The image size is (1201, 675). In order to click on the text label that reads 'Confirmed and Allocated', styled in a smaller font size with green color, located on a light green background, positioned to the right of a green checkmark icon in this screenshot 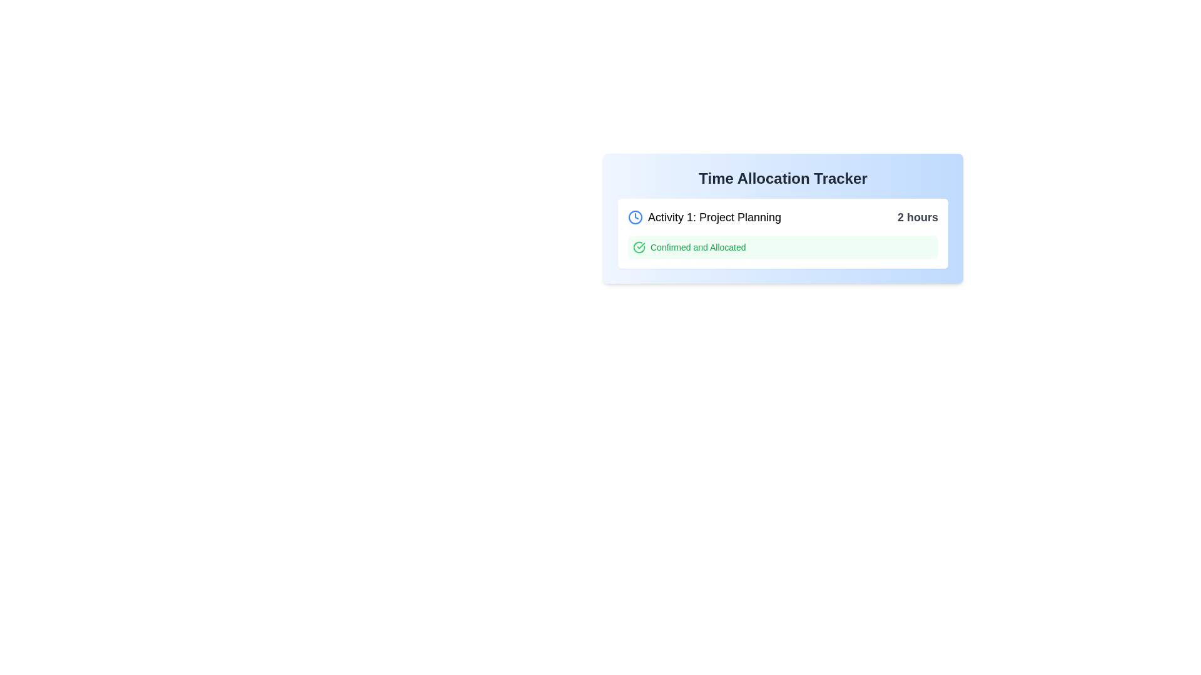, I will do `click(697, 247)`.